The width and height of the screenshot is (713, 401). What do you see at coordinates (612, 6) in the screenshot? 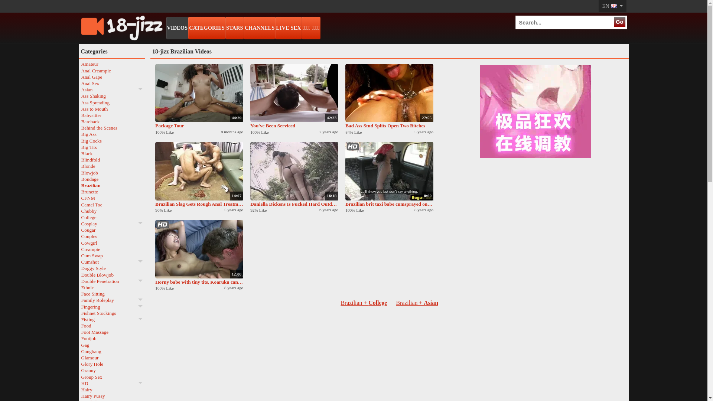
I see `'EN'` at bounding box center [612, 6].